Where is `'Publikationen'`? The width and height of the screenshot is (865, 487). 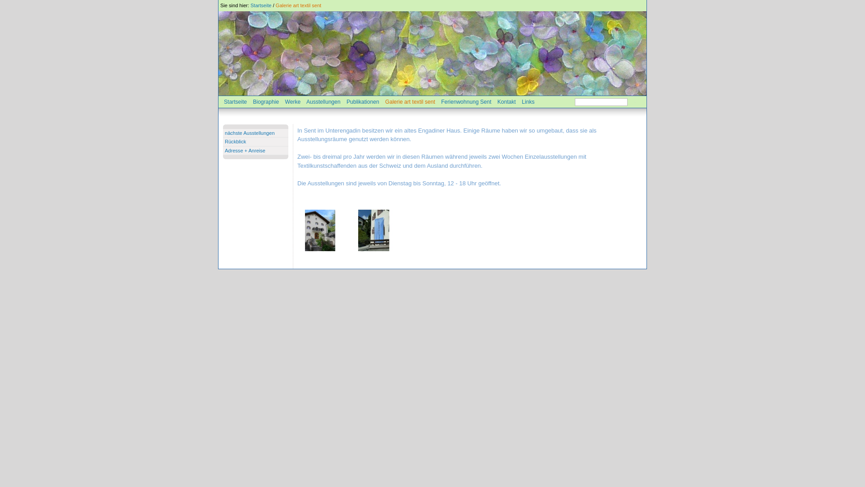 'Publikationen' is located at coordinates (363, 101).